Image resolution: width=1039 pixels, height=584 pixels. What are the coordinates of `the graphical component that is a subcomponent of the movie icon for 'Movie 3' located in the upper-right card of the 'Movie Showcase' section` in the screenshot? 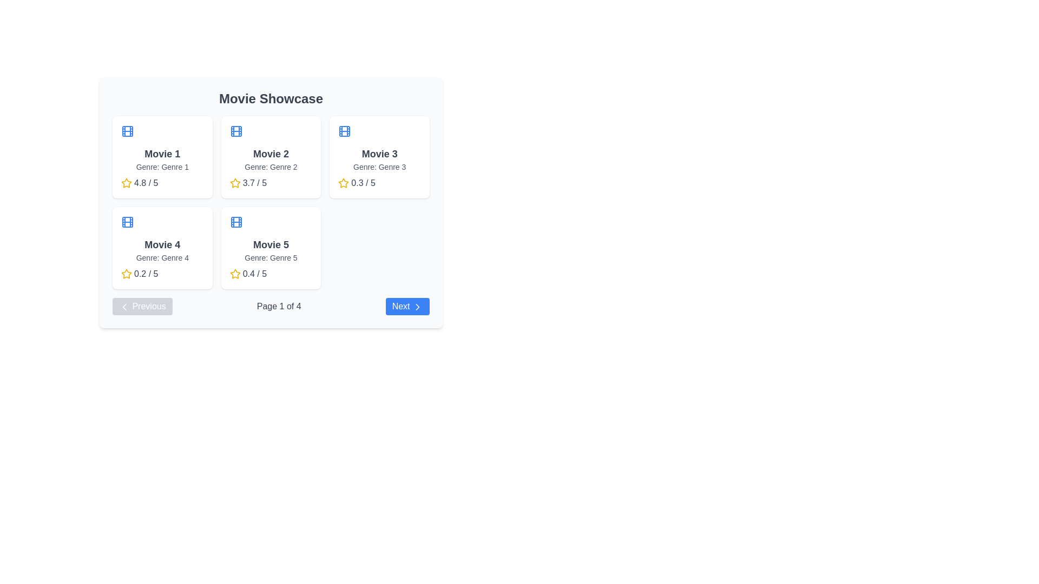 It's located at (344, 131).